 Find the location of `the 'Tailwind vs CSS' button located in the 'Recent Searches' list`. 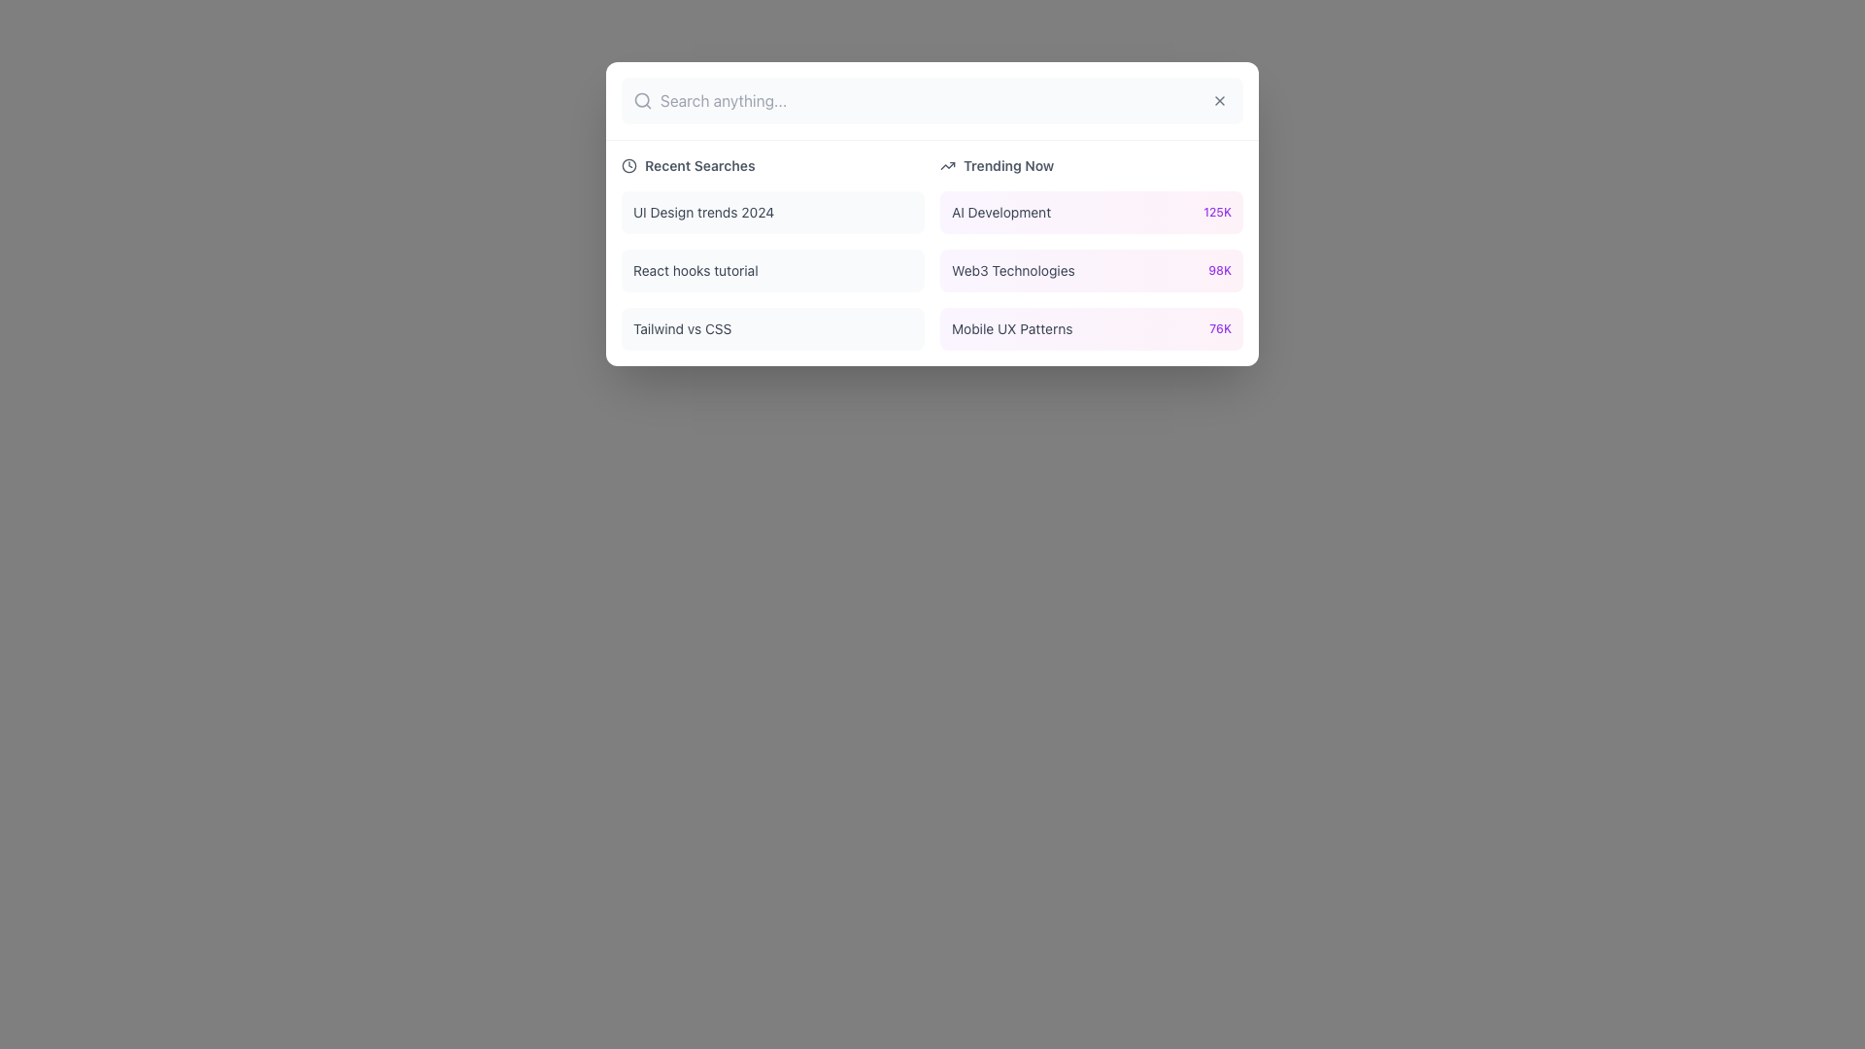

the 'Tailwind vs CSS' button located in the 'Recent Searches' list is located at coordinates (772, 328).